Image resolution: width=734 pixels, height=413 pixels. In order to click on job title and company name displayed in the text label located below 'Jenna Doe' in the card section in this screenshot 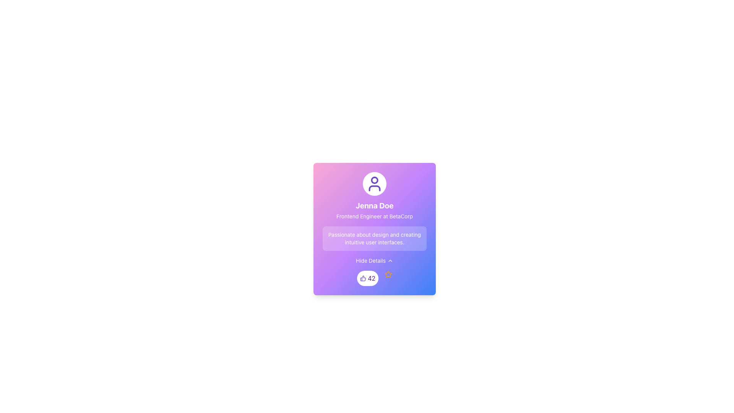, I will do `click(374, 216)`.